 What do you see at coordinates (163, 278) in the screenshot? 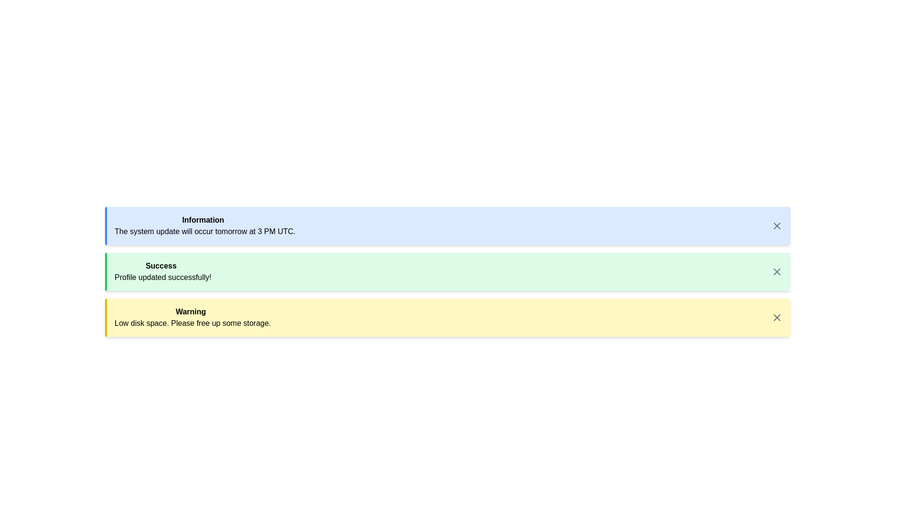
I see `the text label that notifies the user that their profile has been updated successfully, located in the lower portion of the green alert box titled 'Success'` at bounding box center [163, 278].